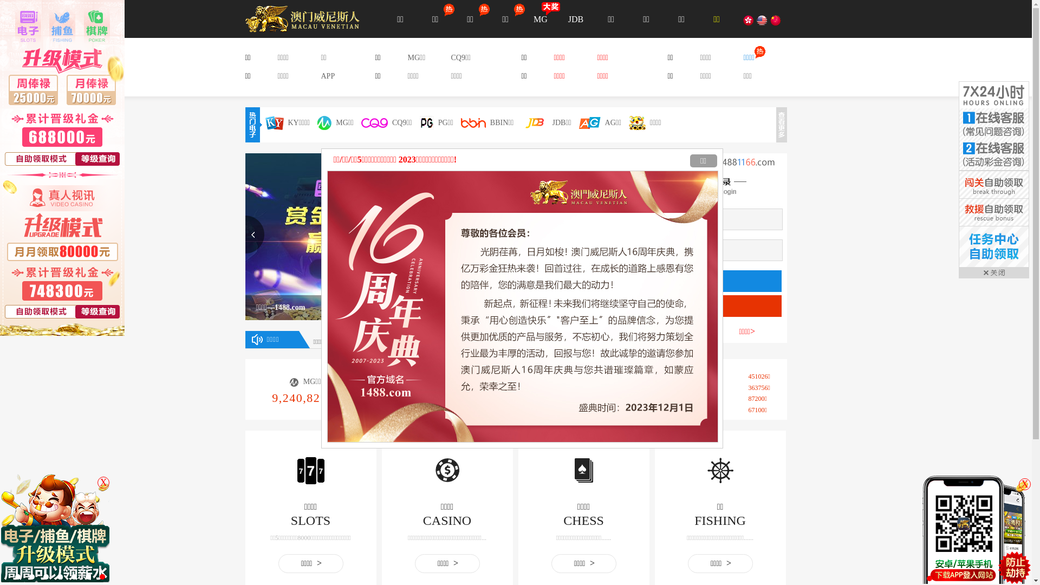  I want to click on 'APP', so click(327, 75).